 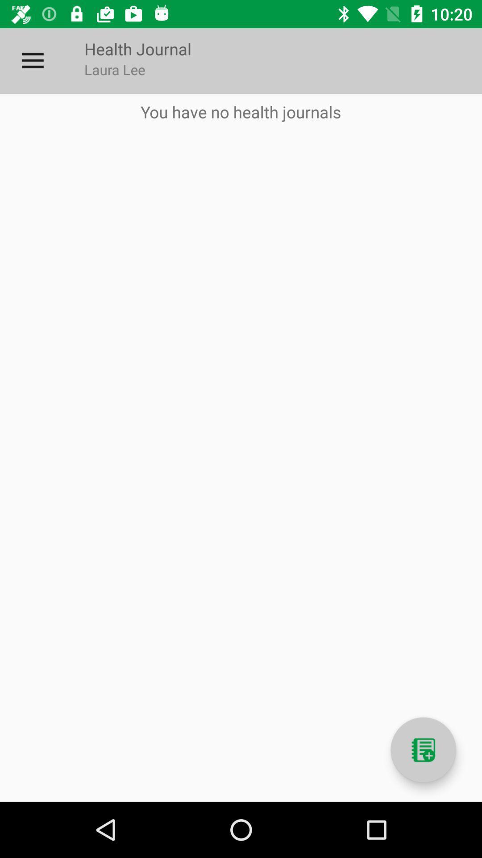 What do you see at coordinates (423, 750) in the screenshot?
I see `the item at the bottom right corner` at bounding box center [423, 750].